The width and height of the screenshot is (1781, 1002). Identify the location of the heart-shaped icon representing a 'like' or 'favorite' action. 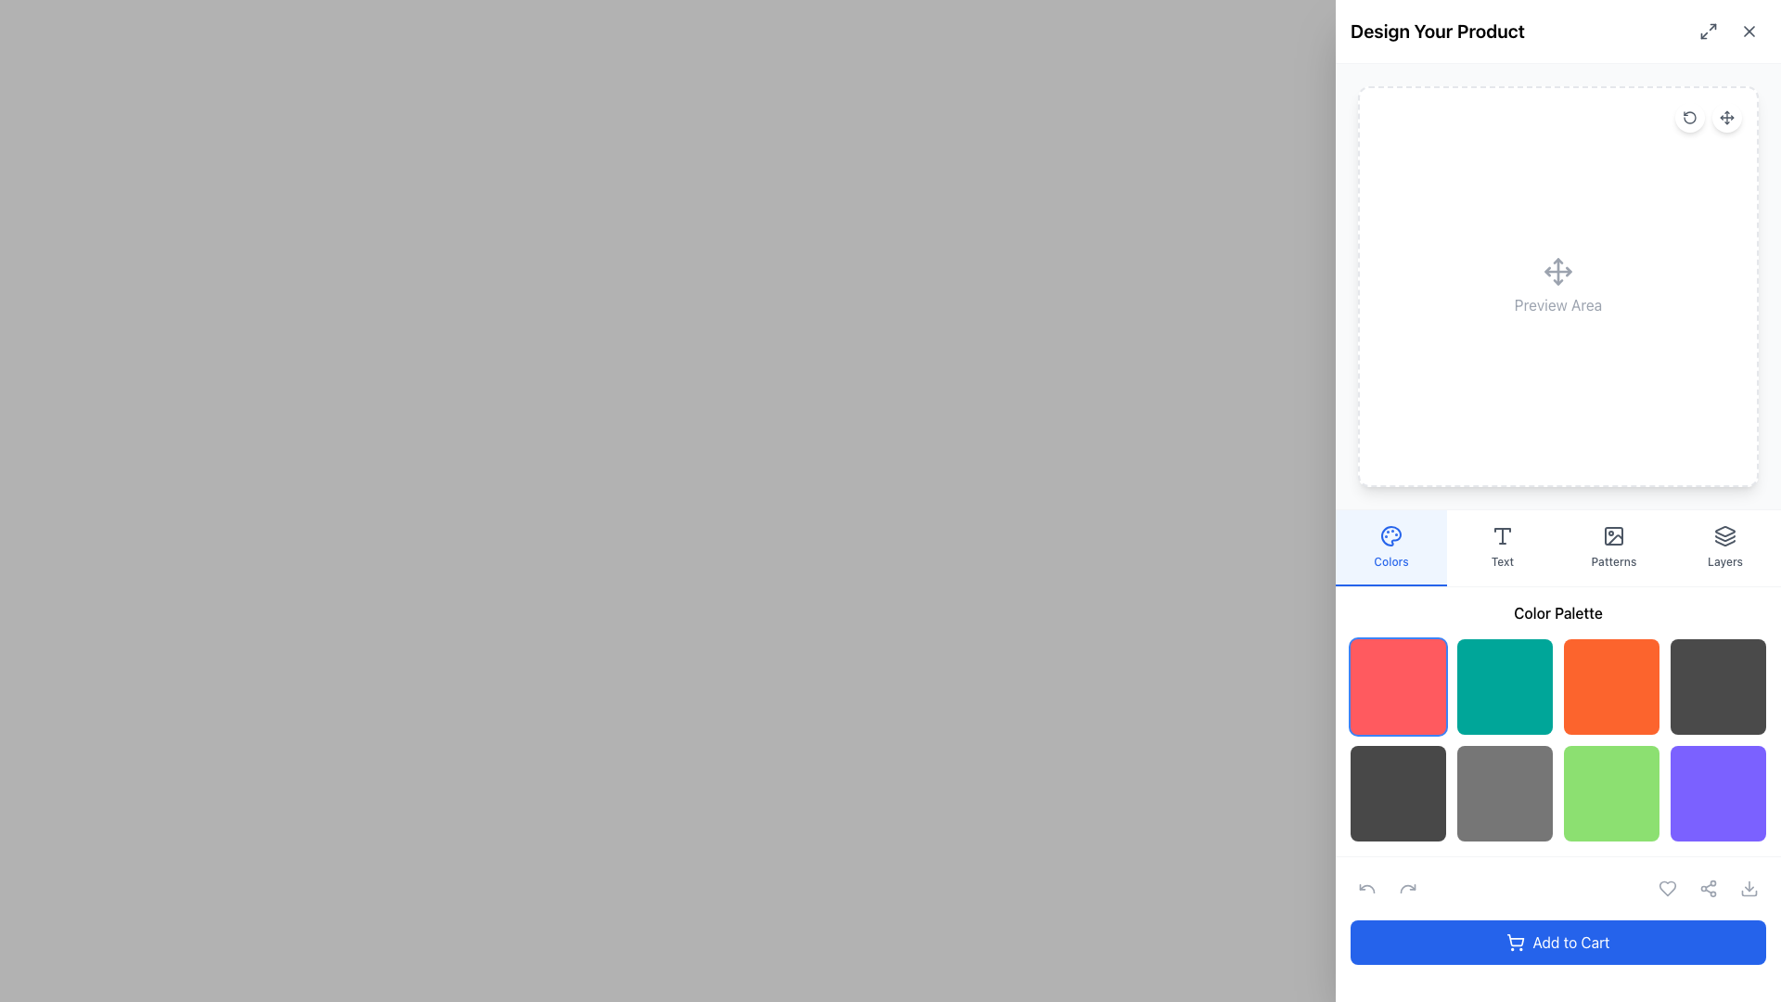
(1668, 887).